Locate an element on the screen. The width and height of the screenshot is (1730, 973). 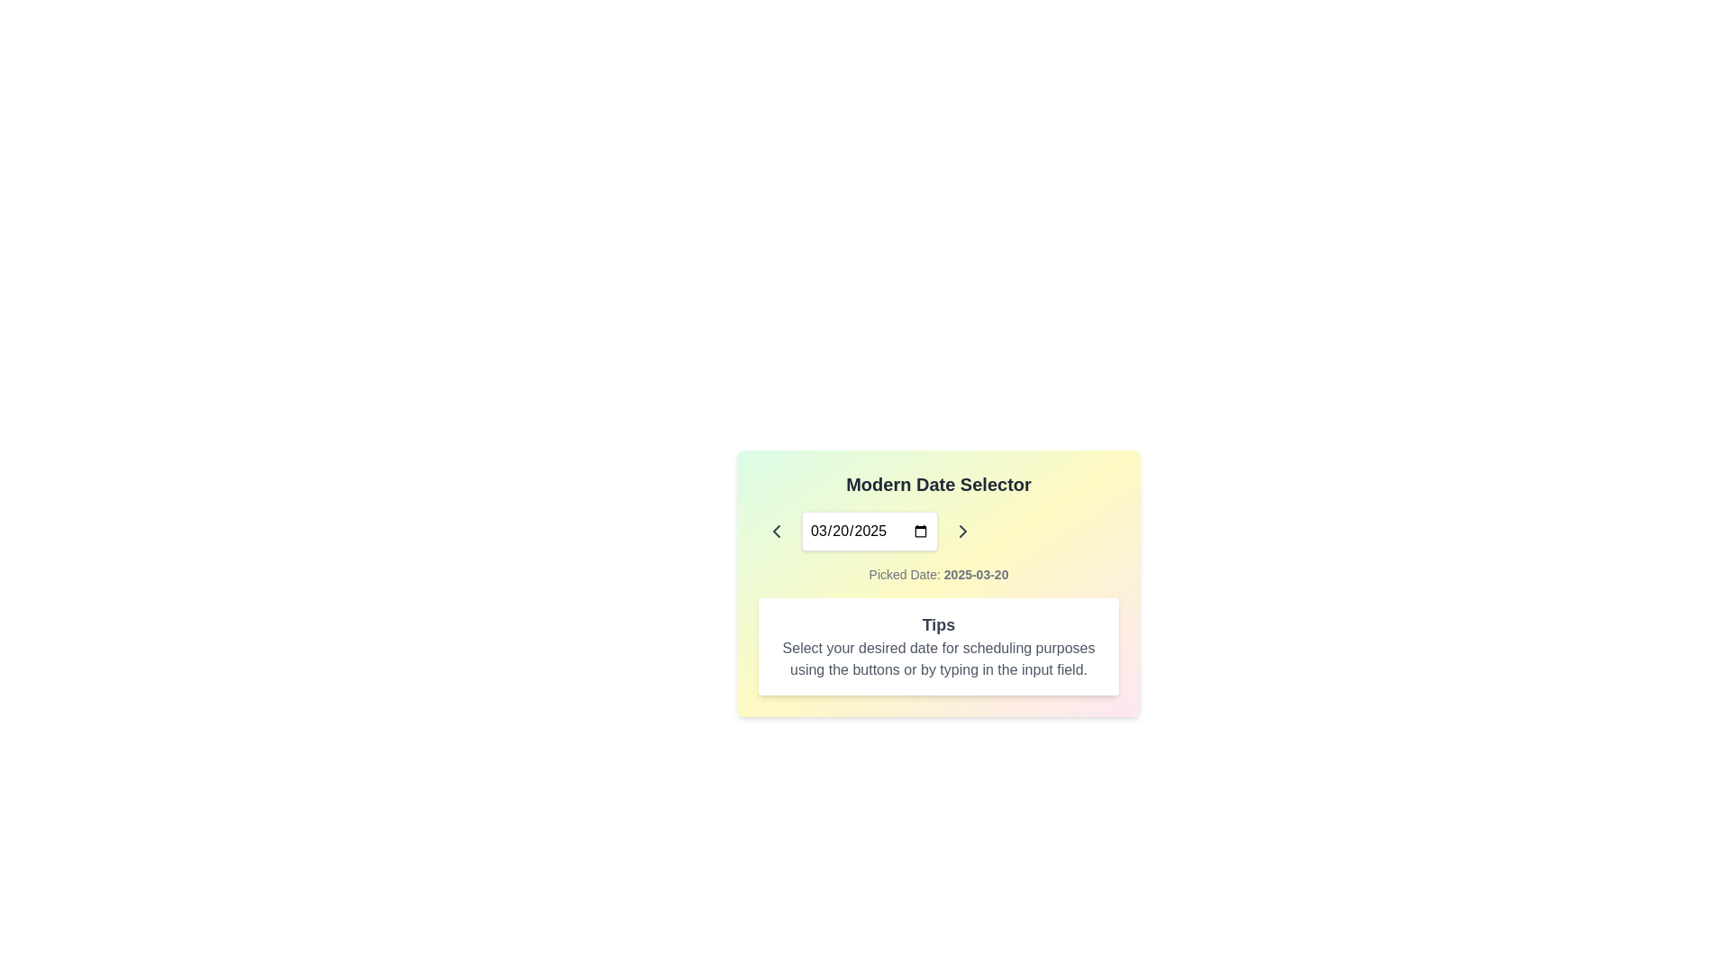
the Chevron Icon (SVG) located to the left of a date input field with the placeholder '03/20/2025' is located at coordinates (777, 531).